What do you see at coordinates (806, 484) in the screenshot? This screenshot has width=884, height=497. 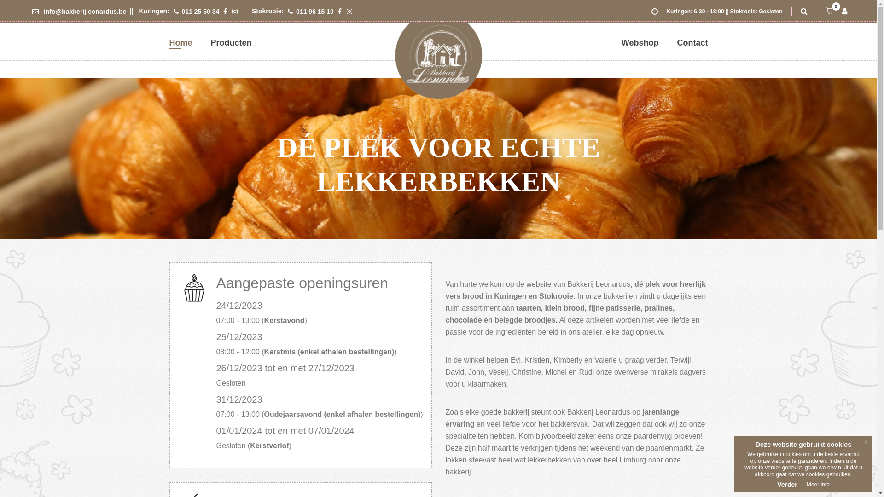 I see `'Meer info'` at bounding box center [806, 484].